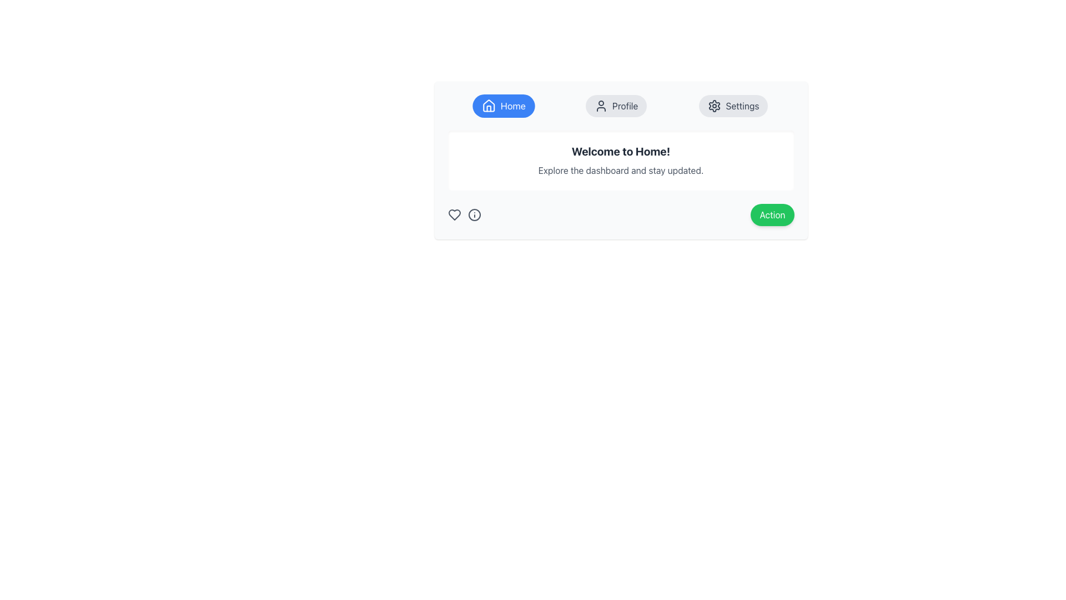 The height and width of the screenshot is (600, 1066). Describe the element at coordinates (464, 214) in the screenshot. I see `the heart icon in the grouped icon component located in the bottom-left corner of the card section for more information` at that location.